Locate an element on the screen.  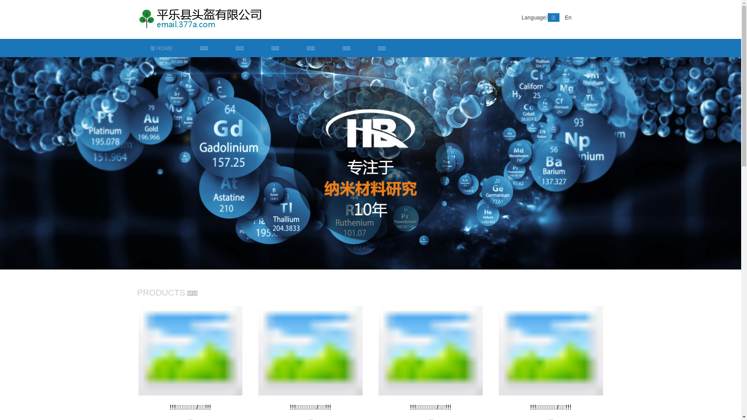
'En' is located at coordinates (568, 17).